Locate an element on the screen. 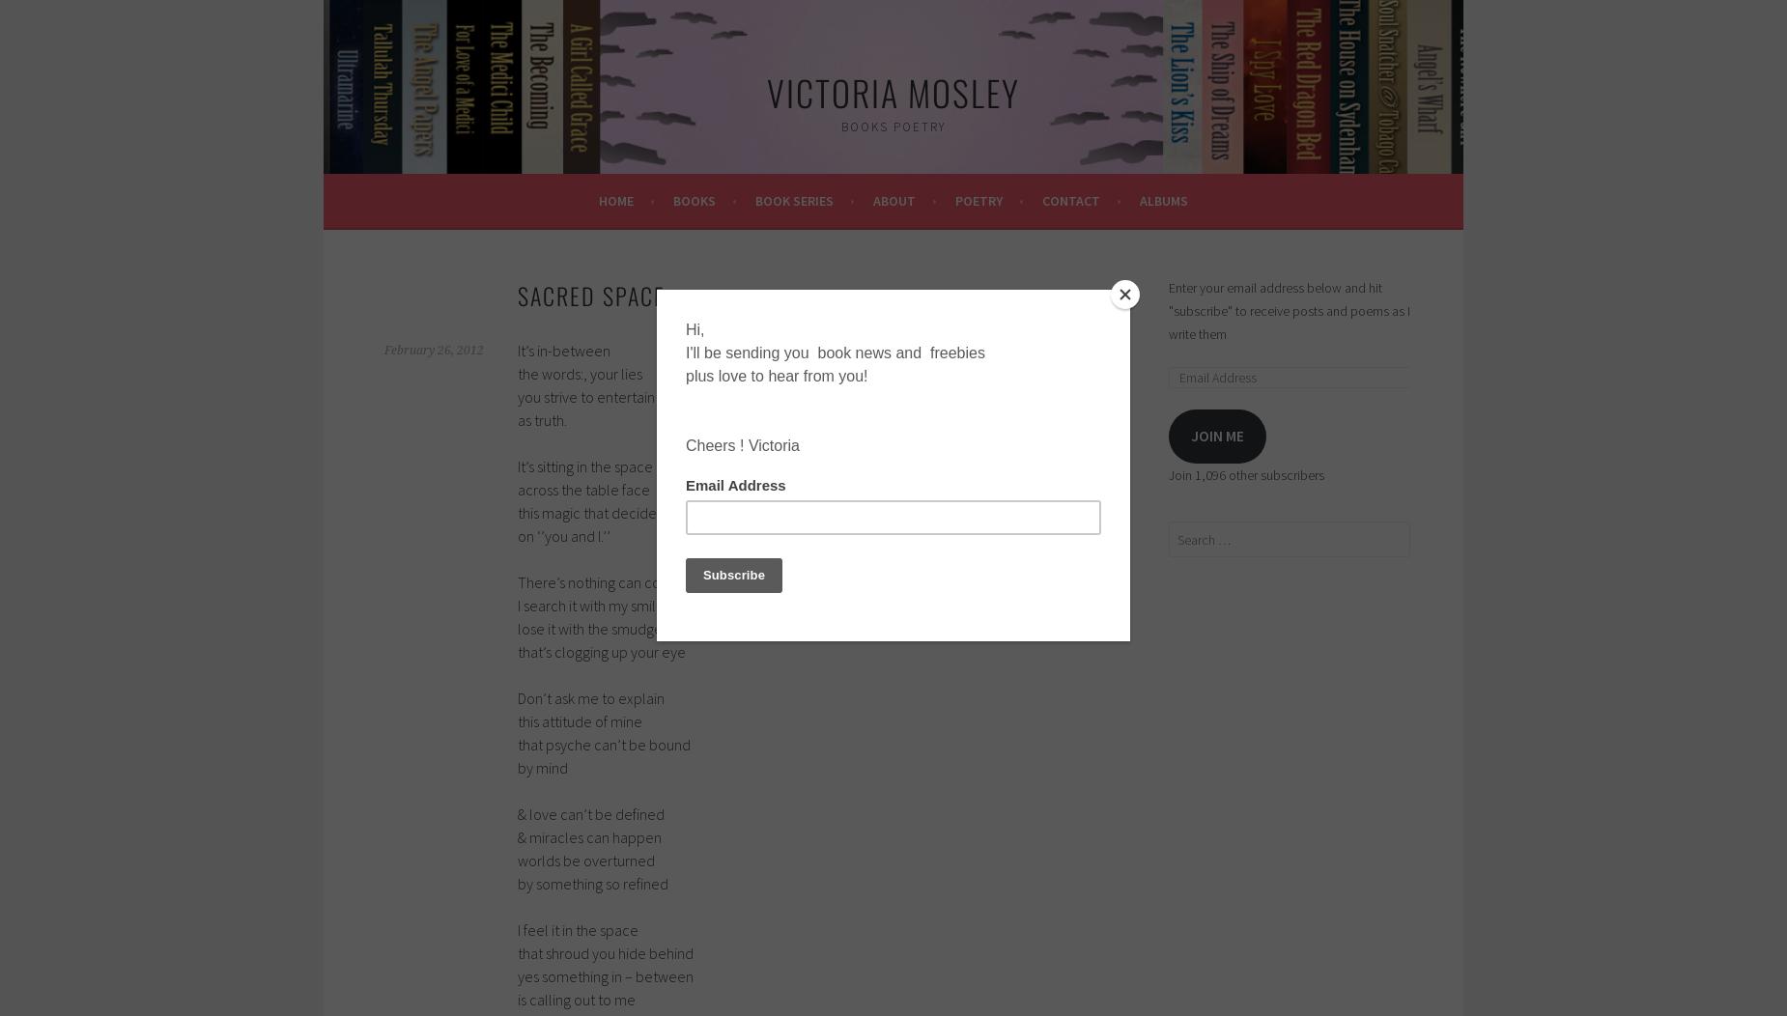 The width and height of the screenshot is (1787, 1016). 'worlds be overturned' is located at coordinates (585, 859).